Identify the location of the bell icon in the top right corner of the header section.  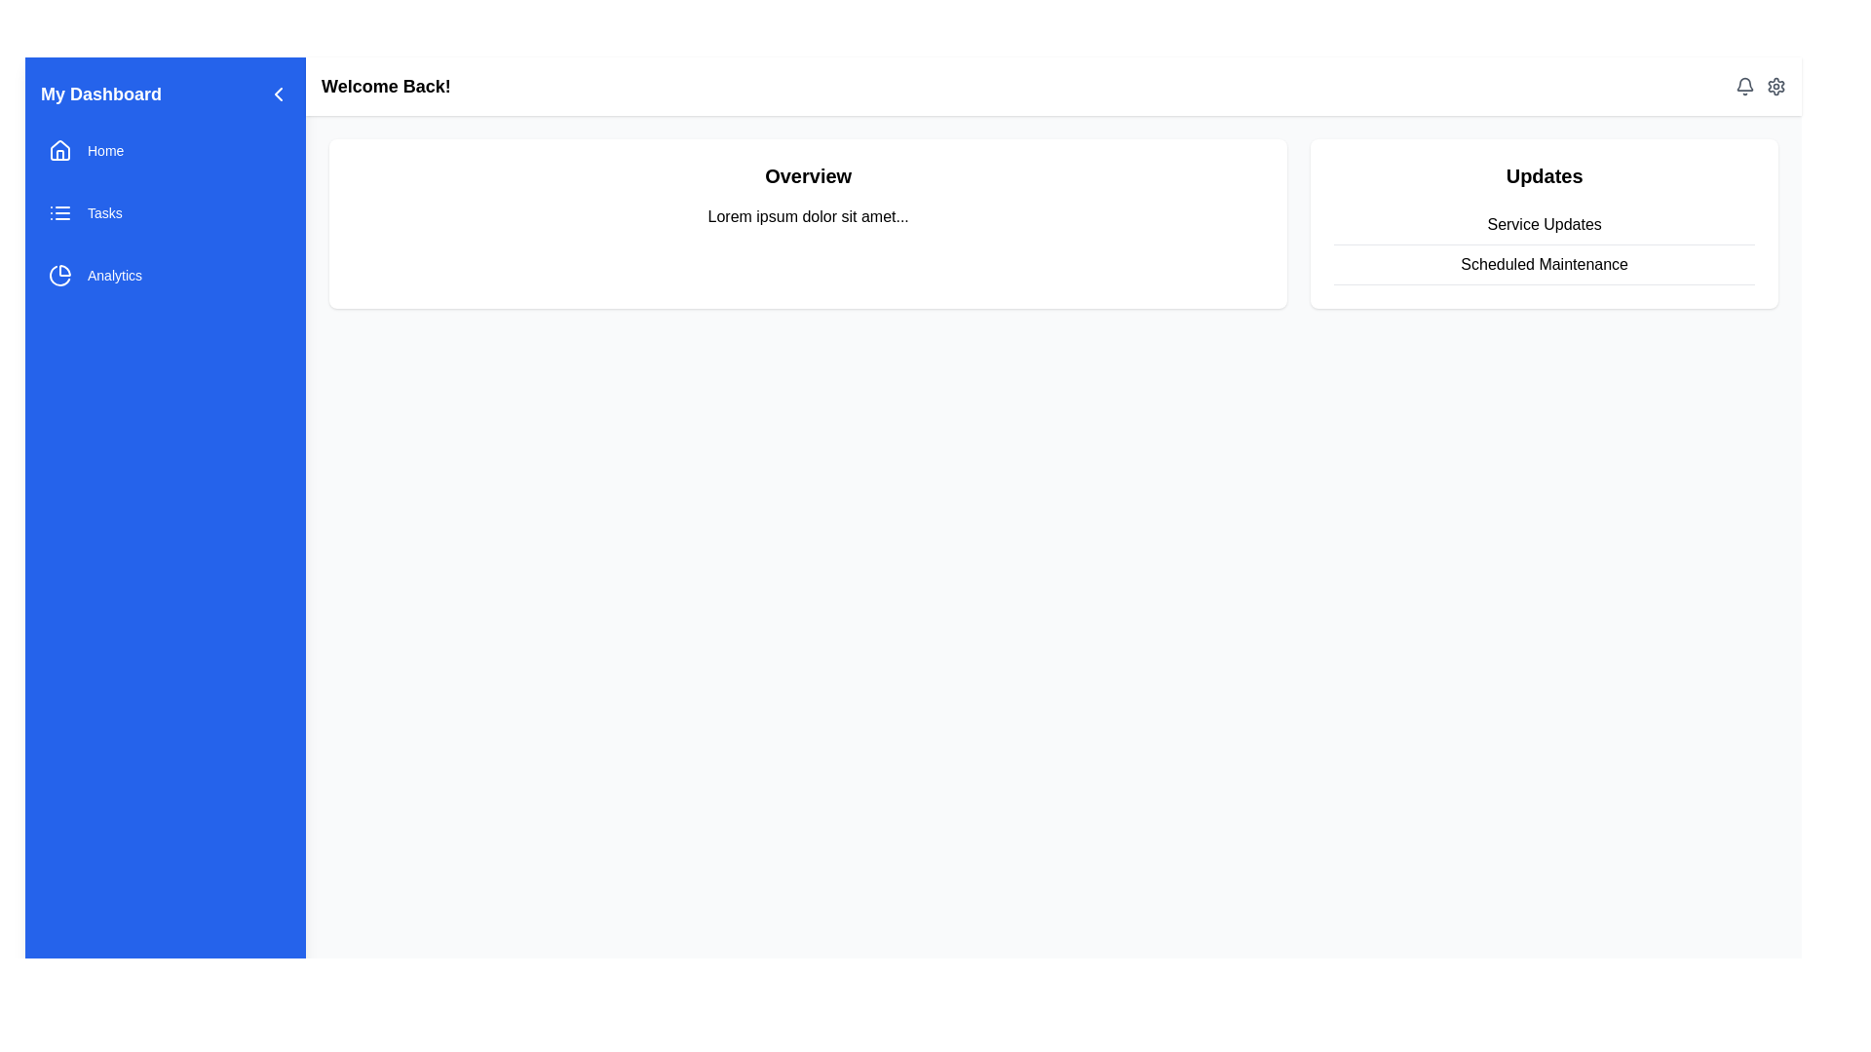
(1760, 85).